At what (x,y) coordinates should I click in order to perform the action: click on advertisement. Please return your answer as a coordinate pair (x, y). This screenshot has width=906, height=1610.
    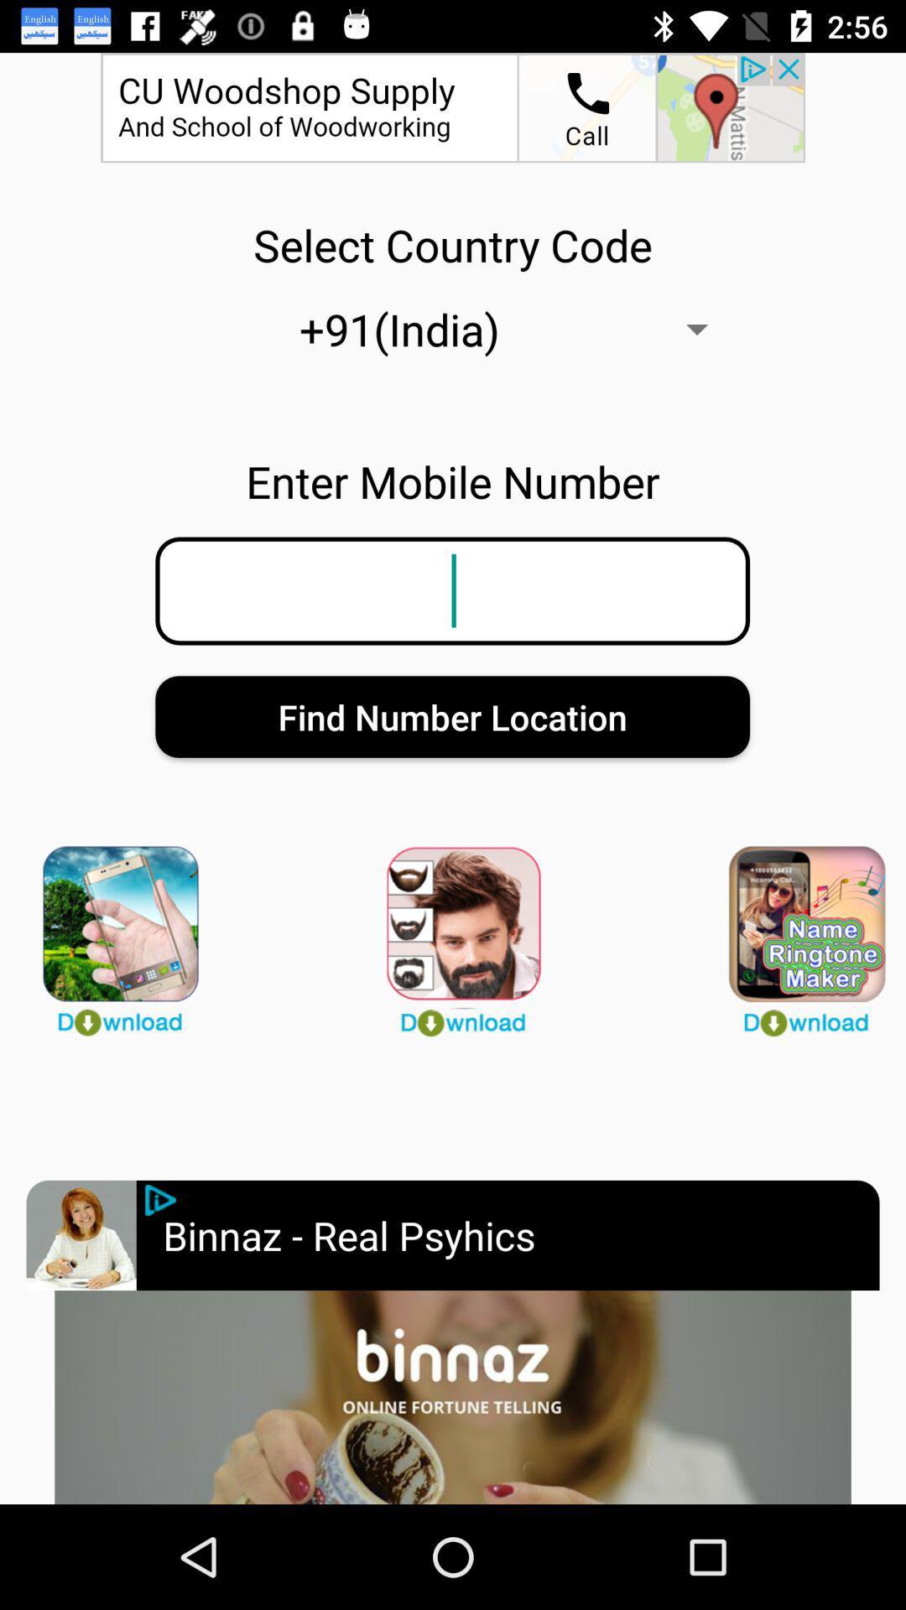
    Looking at the image, I should click on (81, 1235).